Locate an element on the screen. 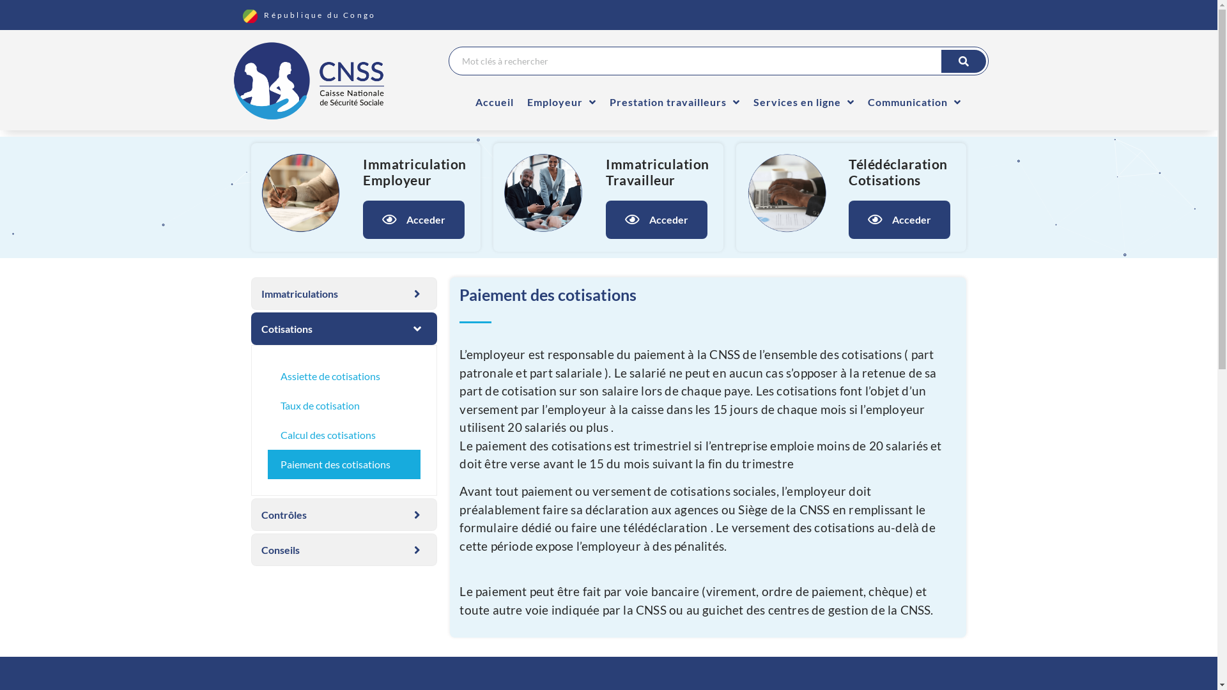 The width and height of the screenshot is (1227, 690). 'Taux de cotisation' is located at coordinates (266, 406).